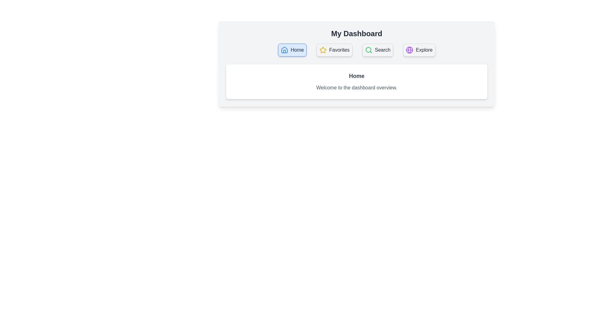 This screenshot has height=334, width=593. I want to click on the tab Explore, so click(419, 50).